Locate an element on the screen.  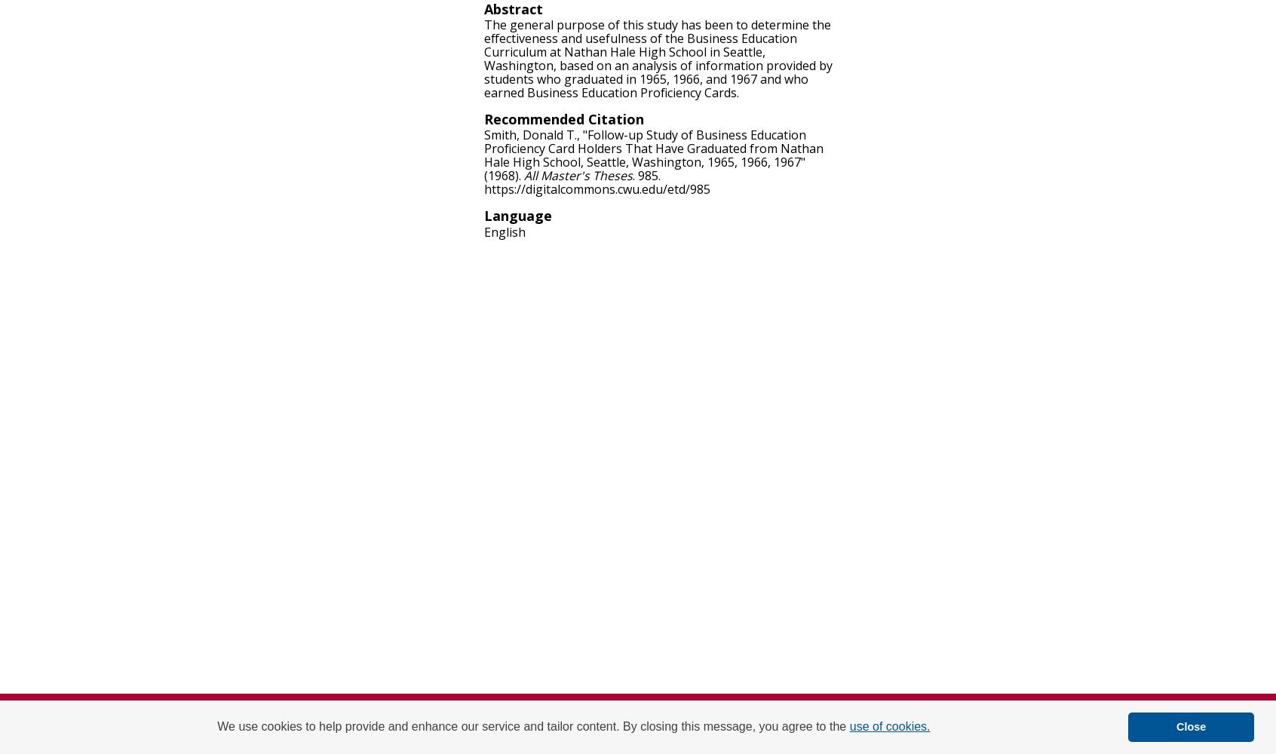
'The general purpose of this study has been to determine the effectiveness and usefulness of the Business Education Curriculum at Nathan Hale High School in Seattle, Washington, based on an analysis of information provided by students who graduated in 1965, 1966, and 1967 and who earned Business Education Proficiency Cards.' is located at coordinates (658, 58).